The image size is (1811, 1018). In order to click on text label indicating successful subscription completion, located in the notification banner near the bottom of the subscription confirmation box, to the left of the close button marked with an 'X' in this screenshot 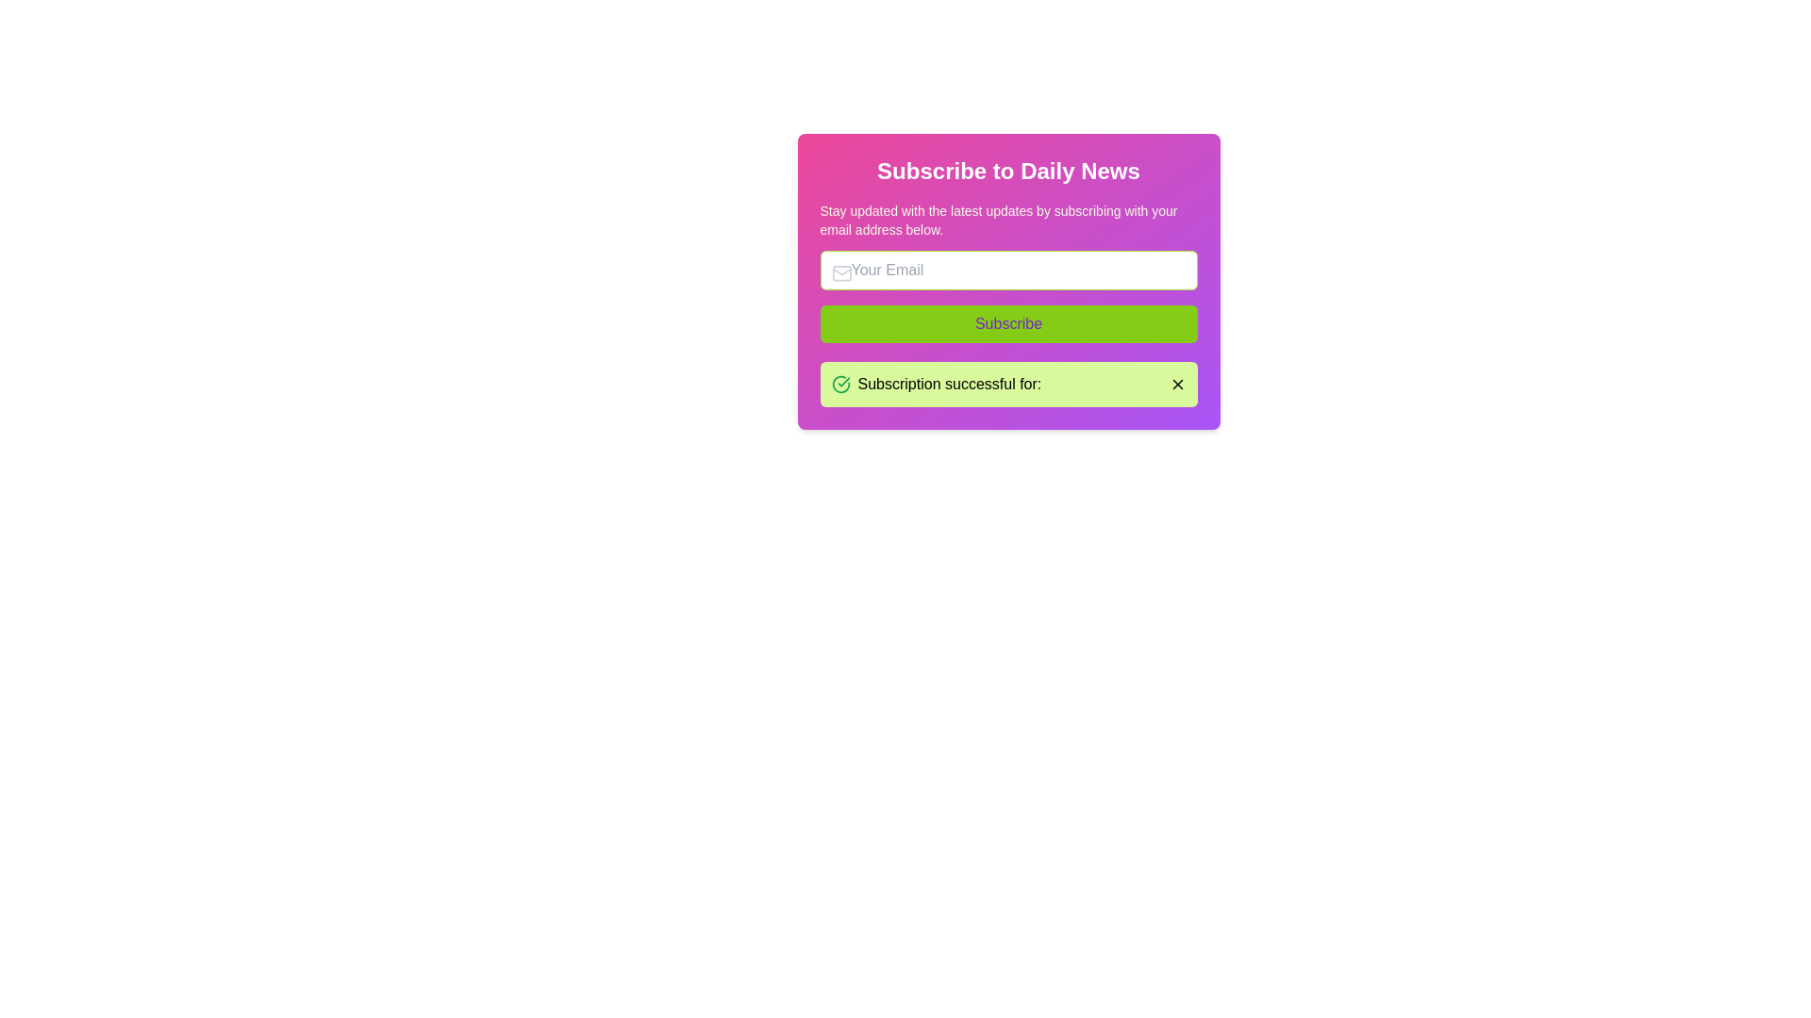, I will do `click(936, 384)`.